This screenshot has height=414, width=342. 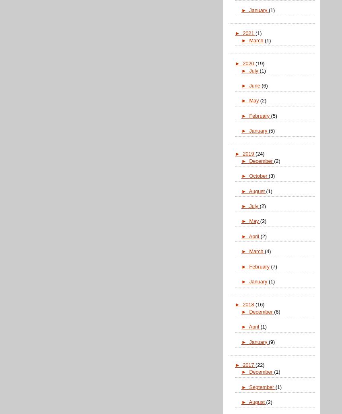 What do you see at coordinates (268, 252) in the screenshot?
I see `'(4)'` at bounding box center [268, 252].